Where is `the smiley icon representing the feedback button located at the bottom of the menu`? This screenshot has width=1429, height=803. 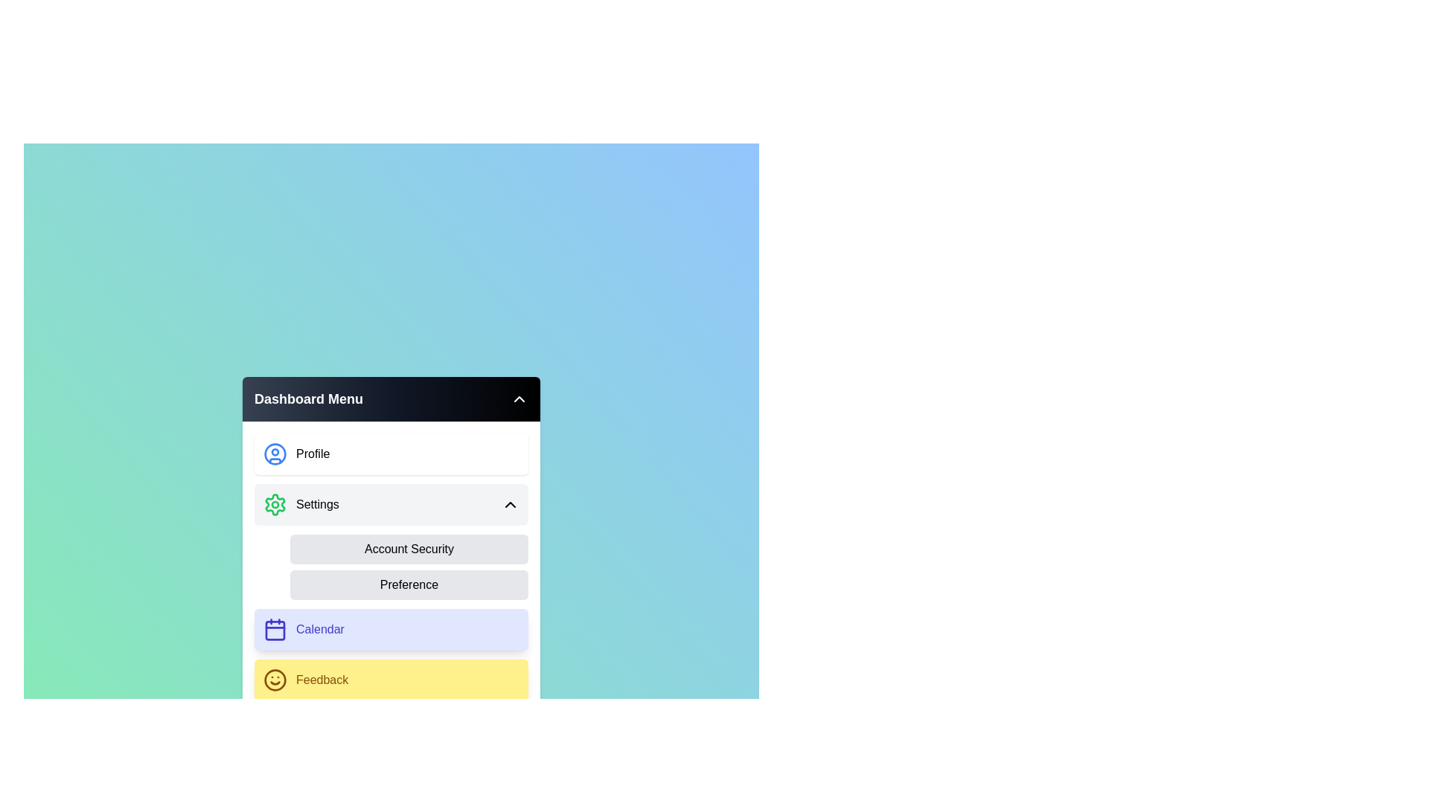
the smiley icon representing the feedback button located at the bottom of the menu is located at coordinates (275, 680).